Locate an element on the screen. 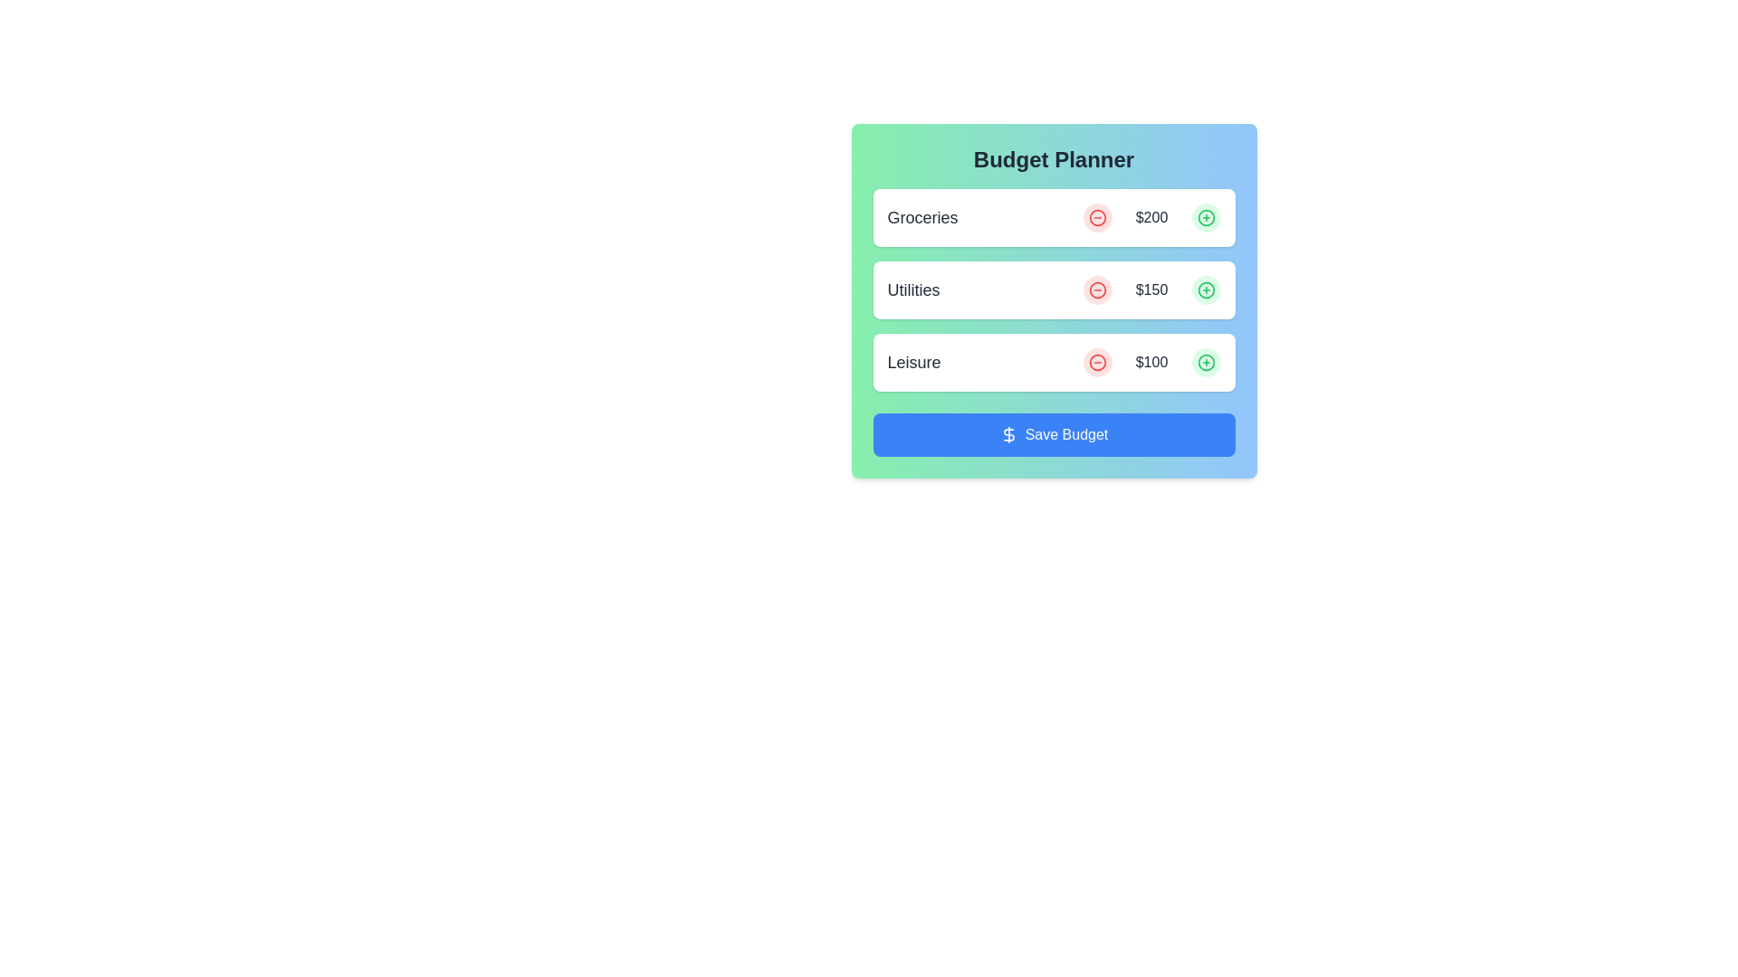  the 'Utilities' text label, which indicates the category related to budgeting or expense tracking, positioned beneath 'Groceries' and above 'Leisure' is located at coordinates (913, 289).